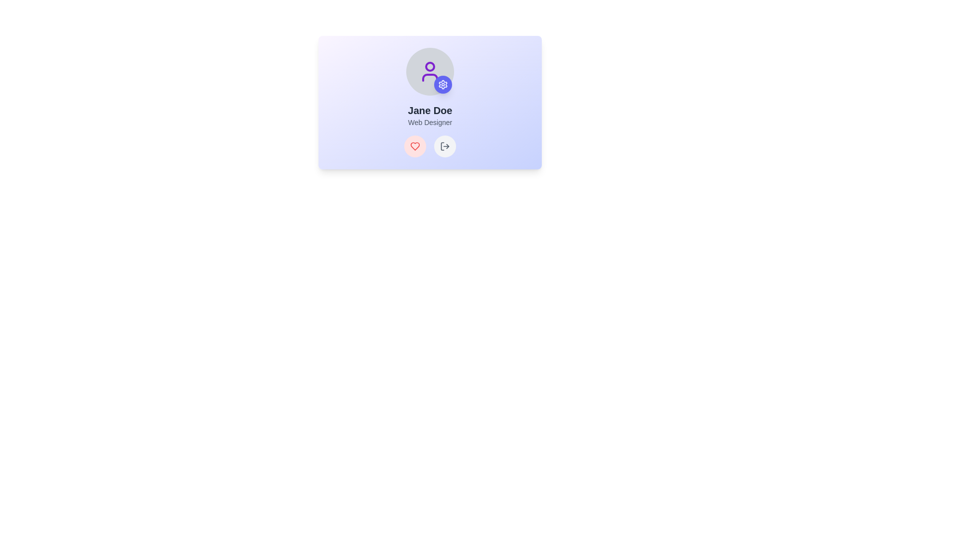 This screenshot has width=957, height=538. What do you see at coordinates (430, 115) in the screenshot?
I see `text description displayed in the Text Display element, which is centrally located below a circular icon and above interactive buttons` at bounding box center [430, 115].